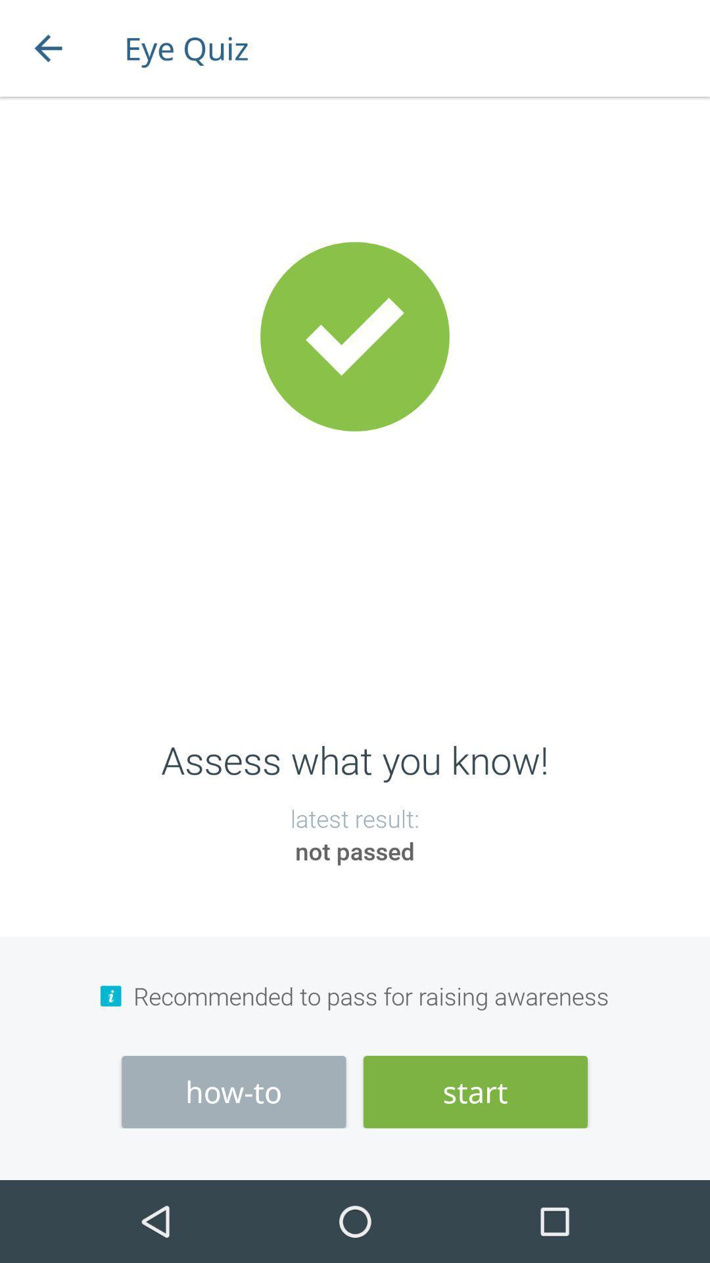 This screenshot has height=1263, width=710. I want to click on the item at the bottom right corner, so click(475, 1092).